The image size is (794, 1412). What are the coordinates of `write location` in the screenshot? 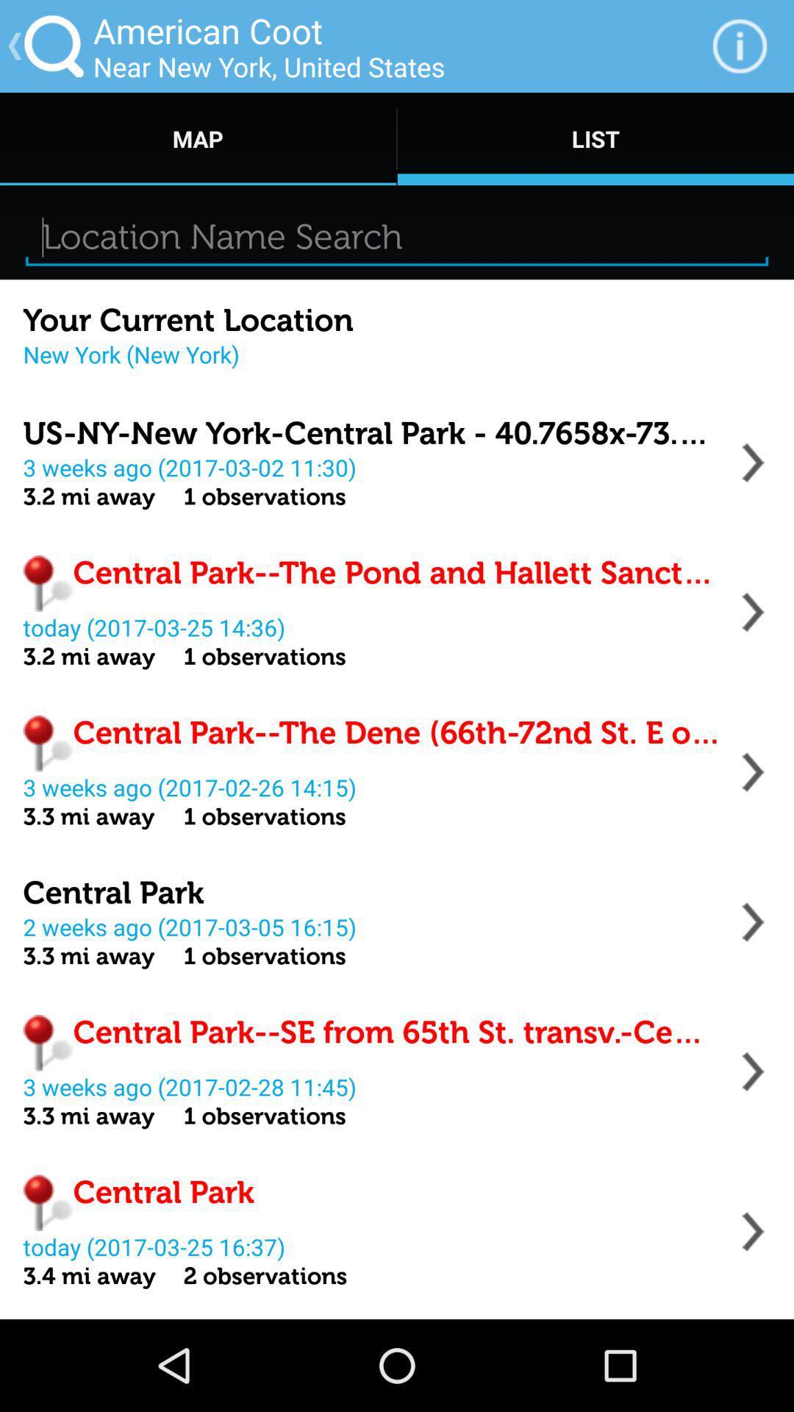 It's located at (397, 237).